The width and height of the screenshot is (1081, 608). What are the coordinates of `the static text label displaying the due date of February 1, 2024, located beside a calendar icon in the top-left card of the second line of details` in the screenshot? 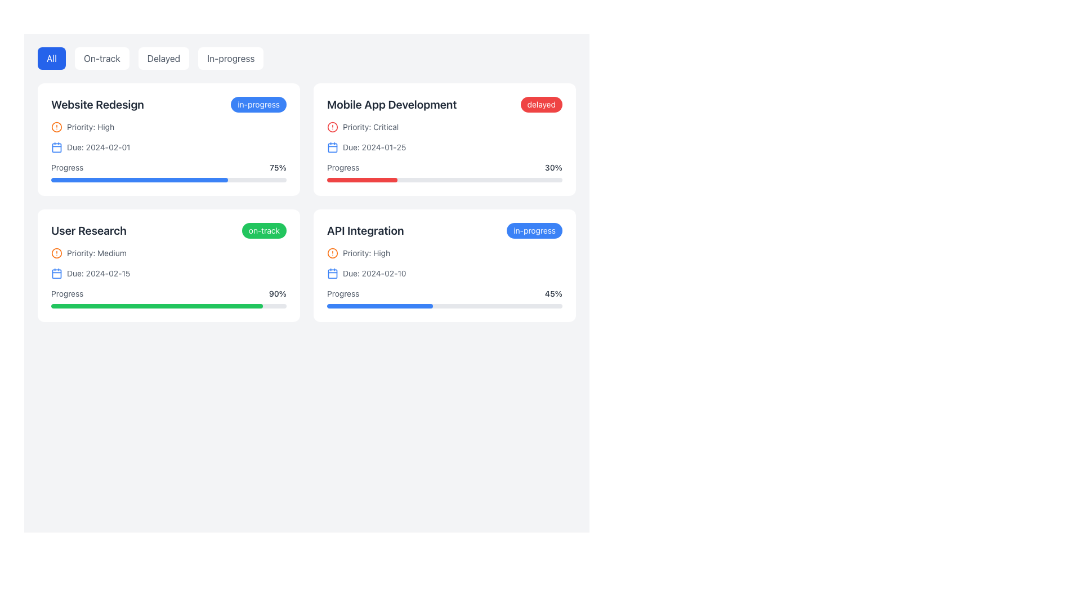 It's located at (99, 147).